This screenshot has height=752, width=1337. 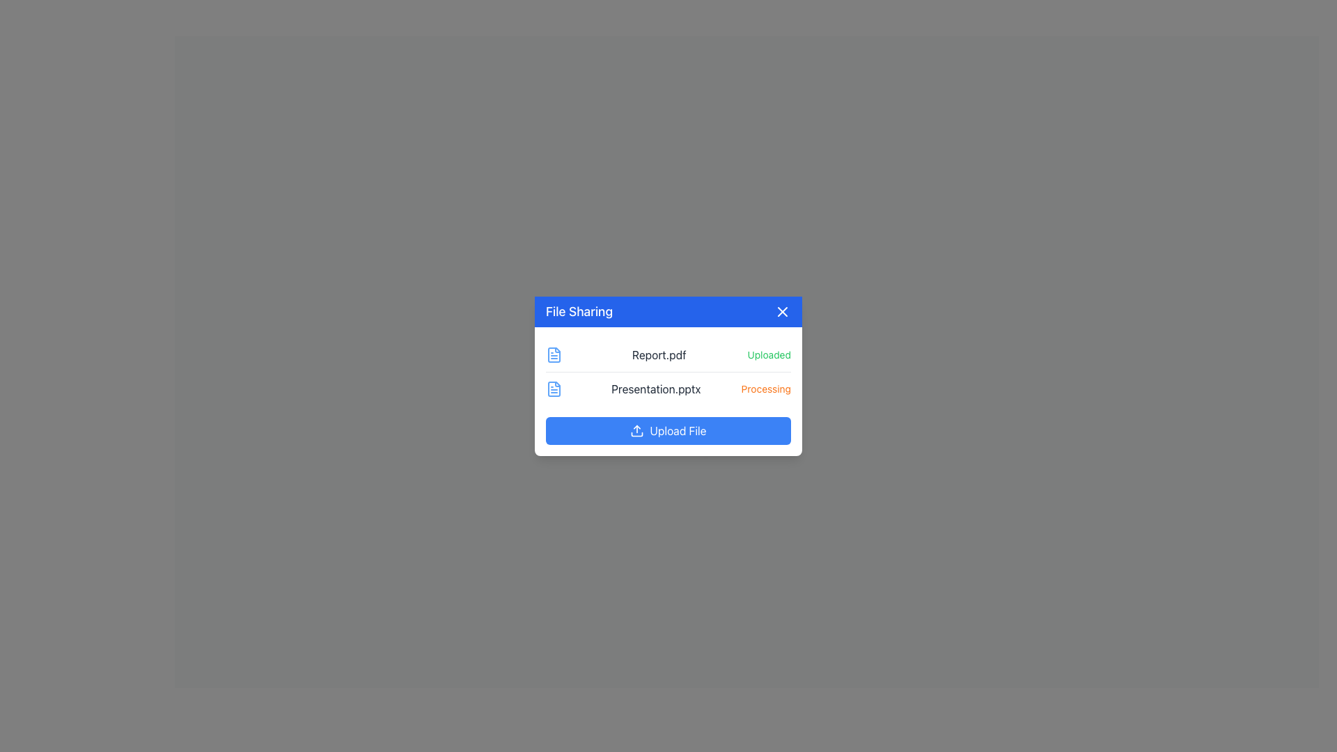 I want to click on the PDF file icon representing 'Report.pdf' located at the top left of the 'File Sharing' dialog box, so click(x=554, y=354).